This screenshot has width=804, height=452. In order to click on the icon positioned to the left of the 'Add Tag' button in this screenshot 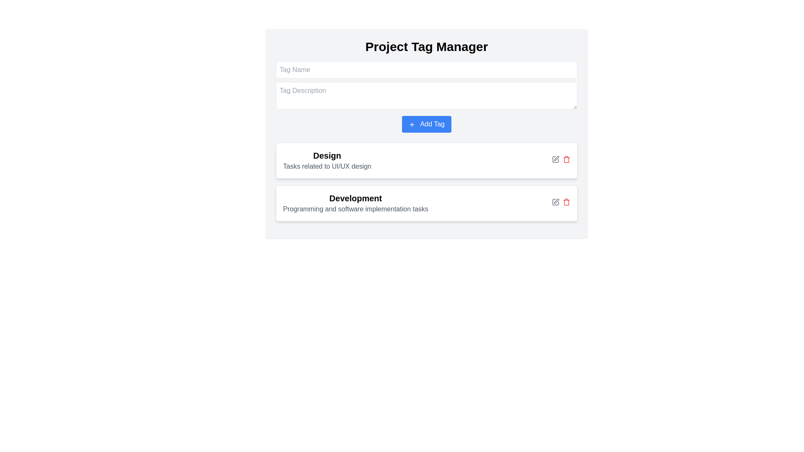, I will do `click(412, 124)`.